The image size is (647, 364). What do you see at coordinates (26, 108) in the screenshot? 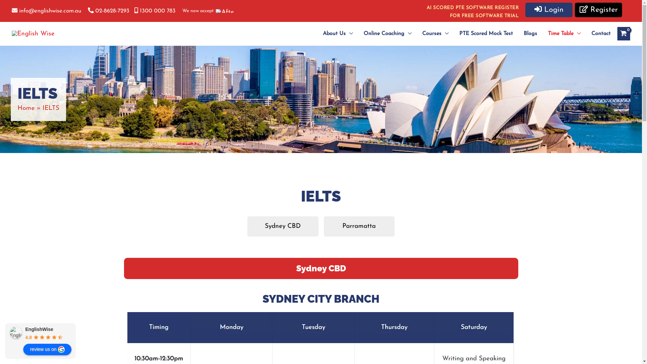
I see `'Home'` at bounding box center [26, 108].